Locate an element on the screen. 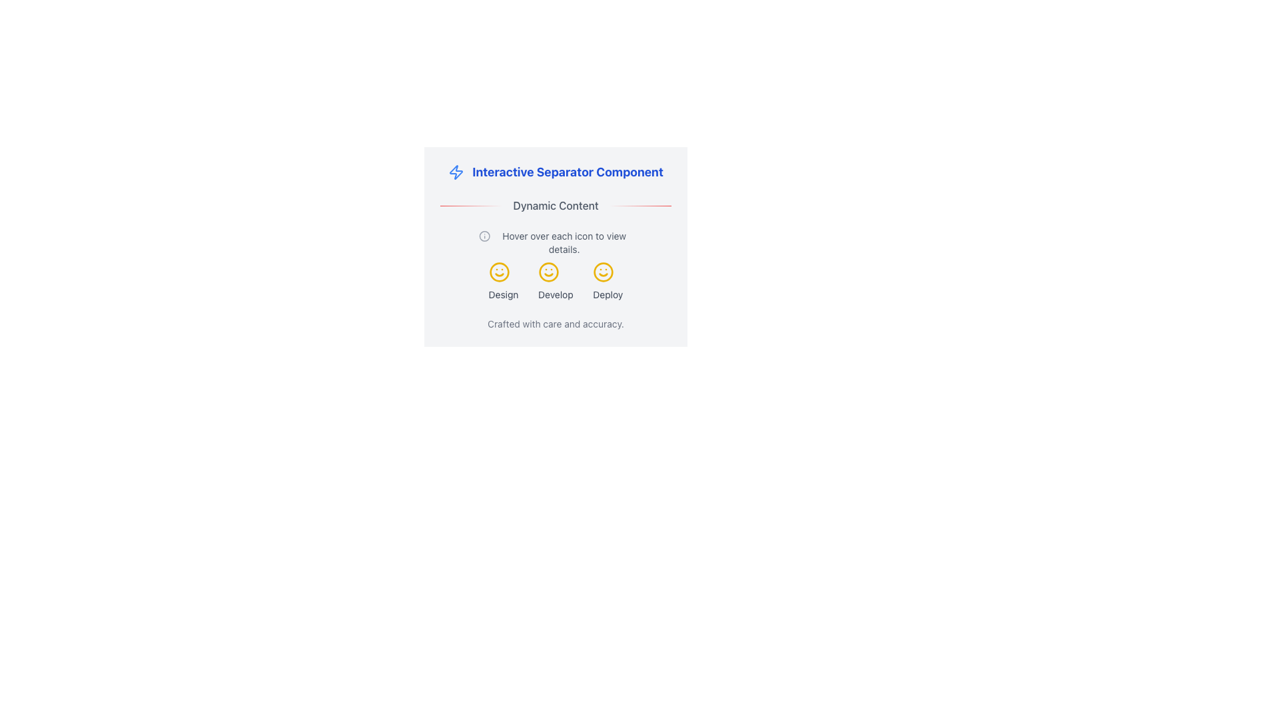 The image size is (1279, 719). the text label displaying 'Dynamic Content' which is centrally positioned between two gradient lines in the upper section of the card-like interface is located at coordinates (556, 205).